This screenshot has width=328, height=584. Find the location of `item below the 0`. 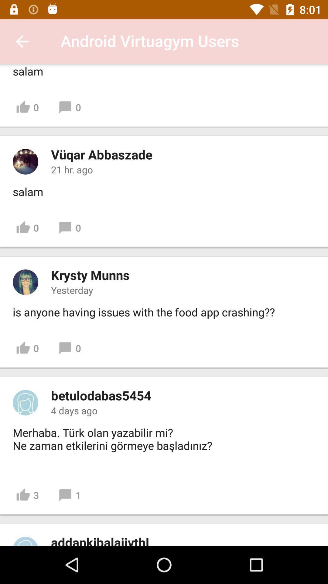

item below the 0 is located at coordinates (101, 395).